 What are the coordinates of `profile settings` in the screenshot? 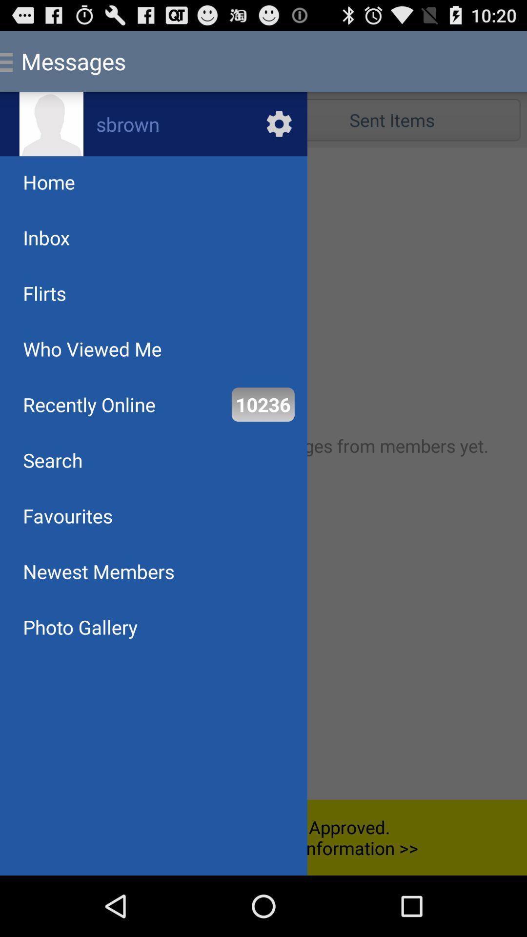 It's located at (154, 123).